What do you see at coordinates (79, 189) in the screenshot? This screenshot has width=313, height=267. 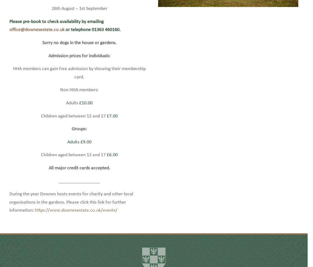 I see `'_________________'` at bounding box center [79, 189].